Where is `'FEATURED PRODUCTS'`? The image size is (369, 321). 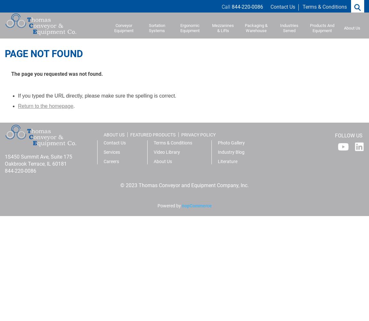 'FEATURED PRODUCTS' is located at coordinates (153, 135).